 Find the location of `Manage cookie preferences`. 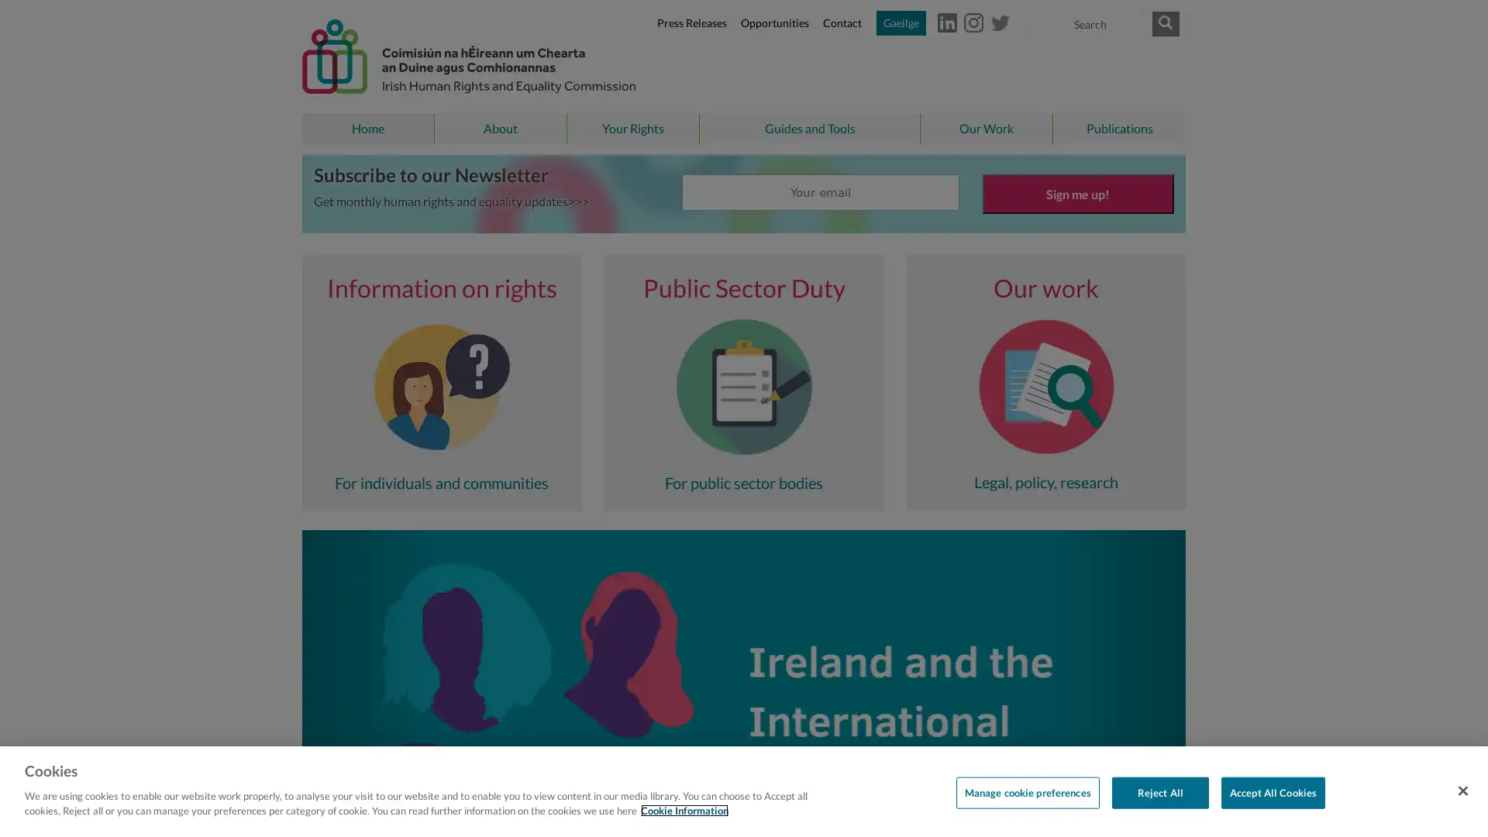

Manage cookie preferences is located at coordinates (1027, 792).